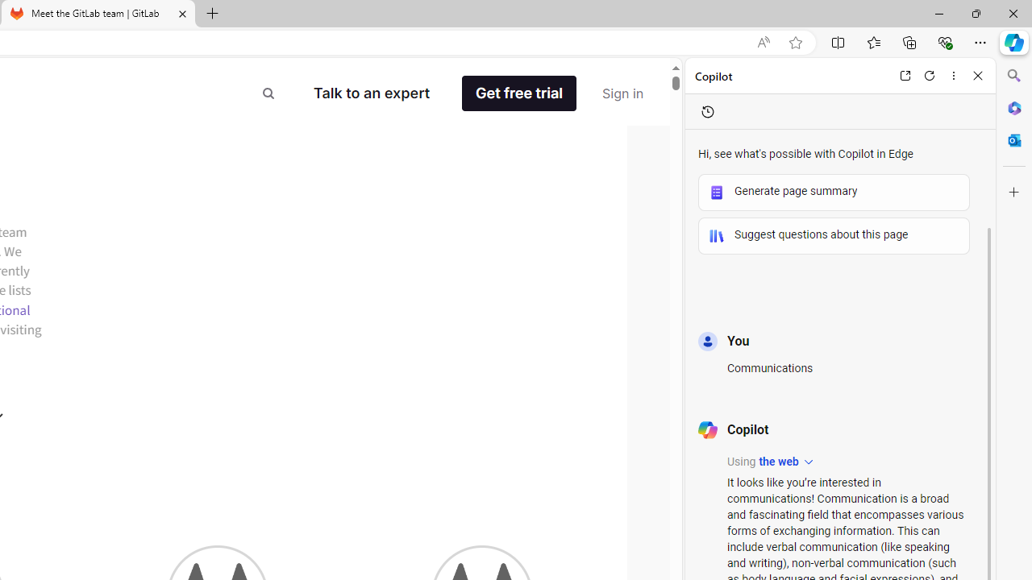  What do you see at coordinates (622, 93) in the screenshot?
I see `'Sign in'` at bounding box center [622, 93].